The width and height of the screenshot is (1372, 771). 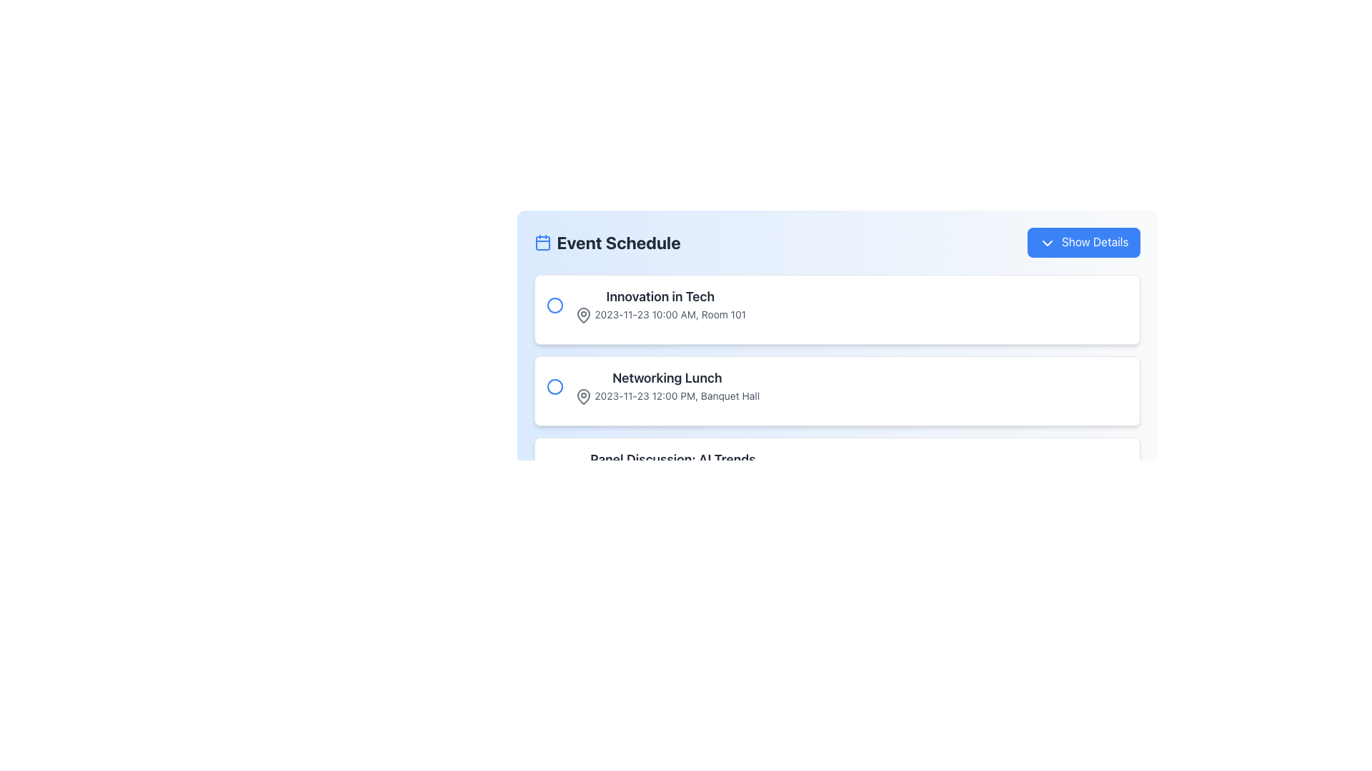 What do you see at coordinates (837, 308) in the screenshot?
I see `the Informative Card element titled 'Innovation in Tech'` at bounding box center [837, 308].